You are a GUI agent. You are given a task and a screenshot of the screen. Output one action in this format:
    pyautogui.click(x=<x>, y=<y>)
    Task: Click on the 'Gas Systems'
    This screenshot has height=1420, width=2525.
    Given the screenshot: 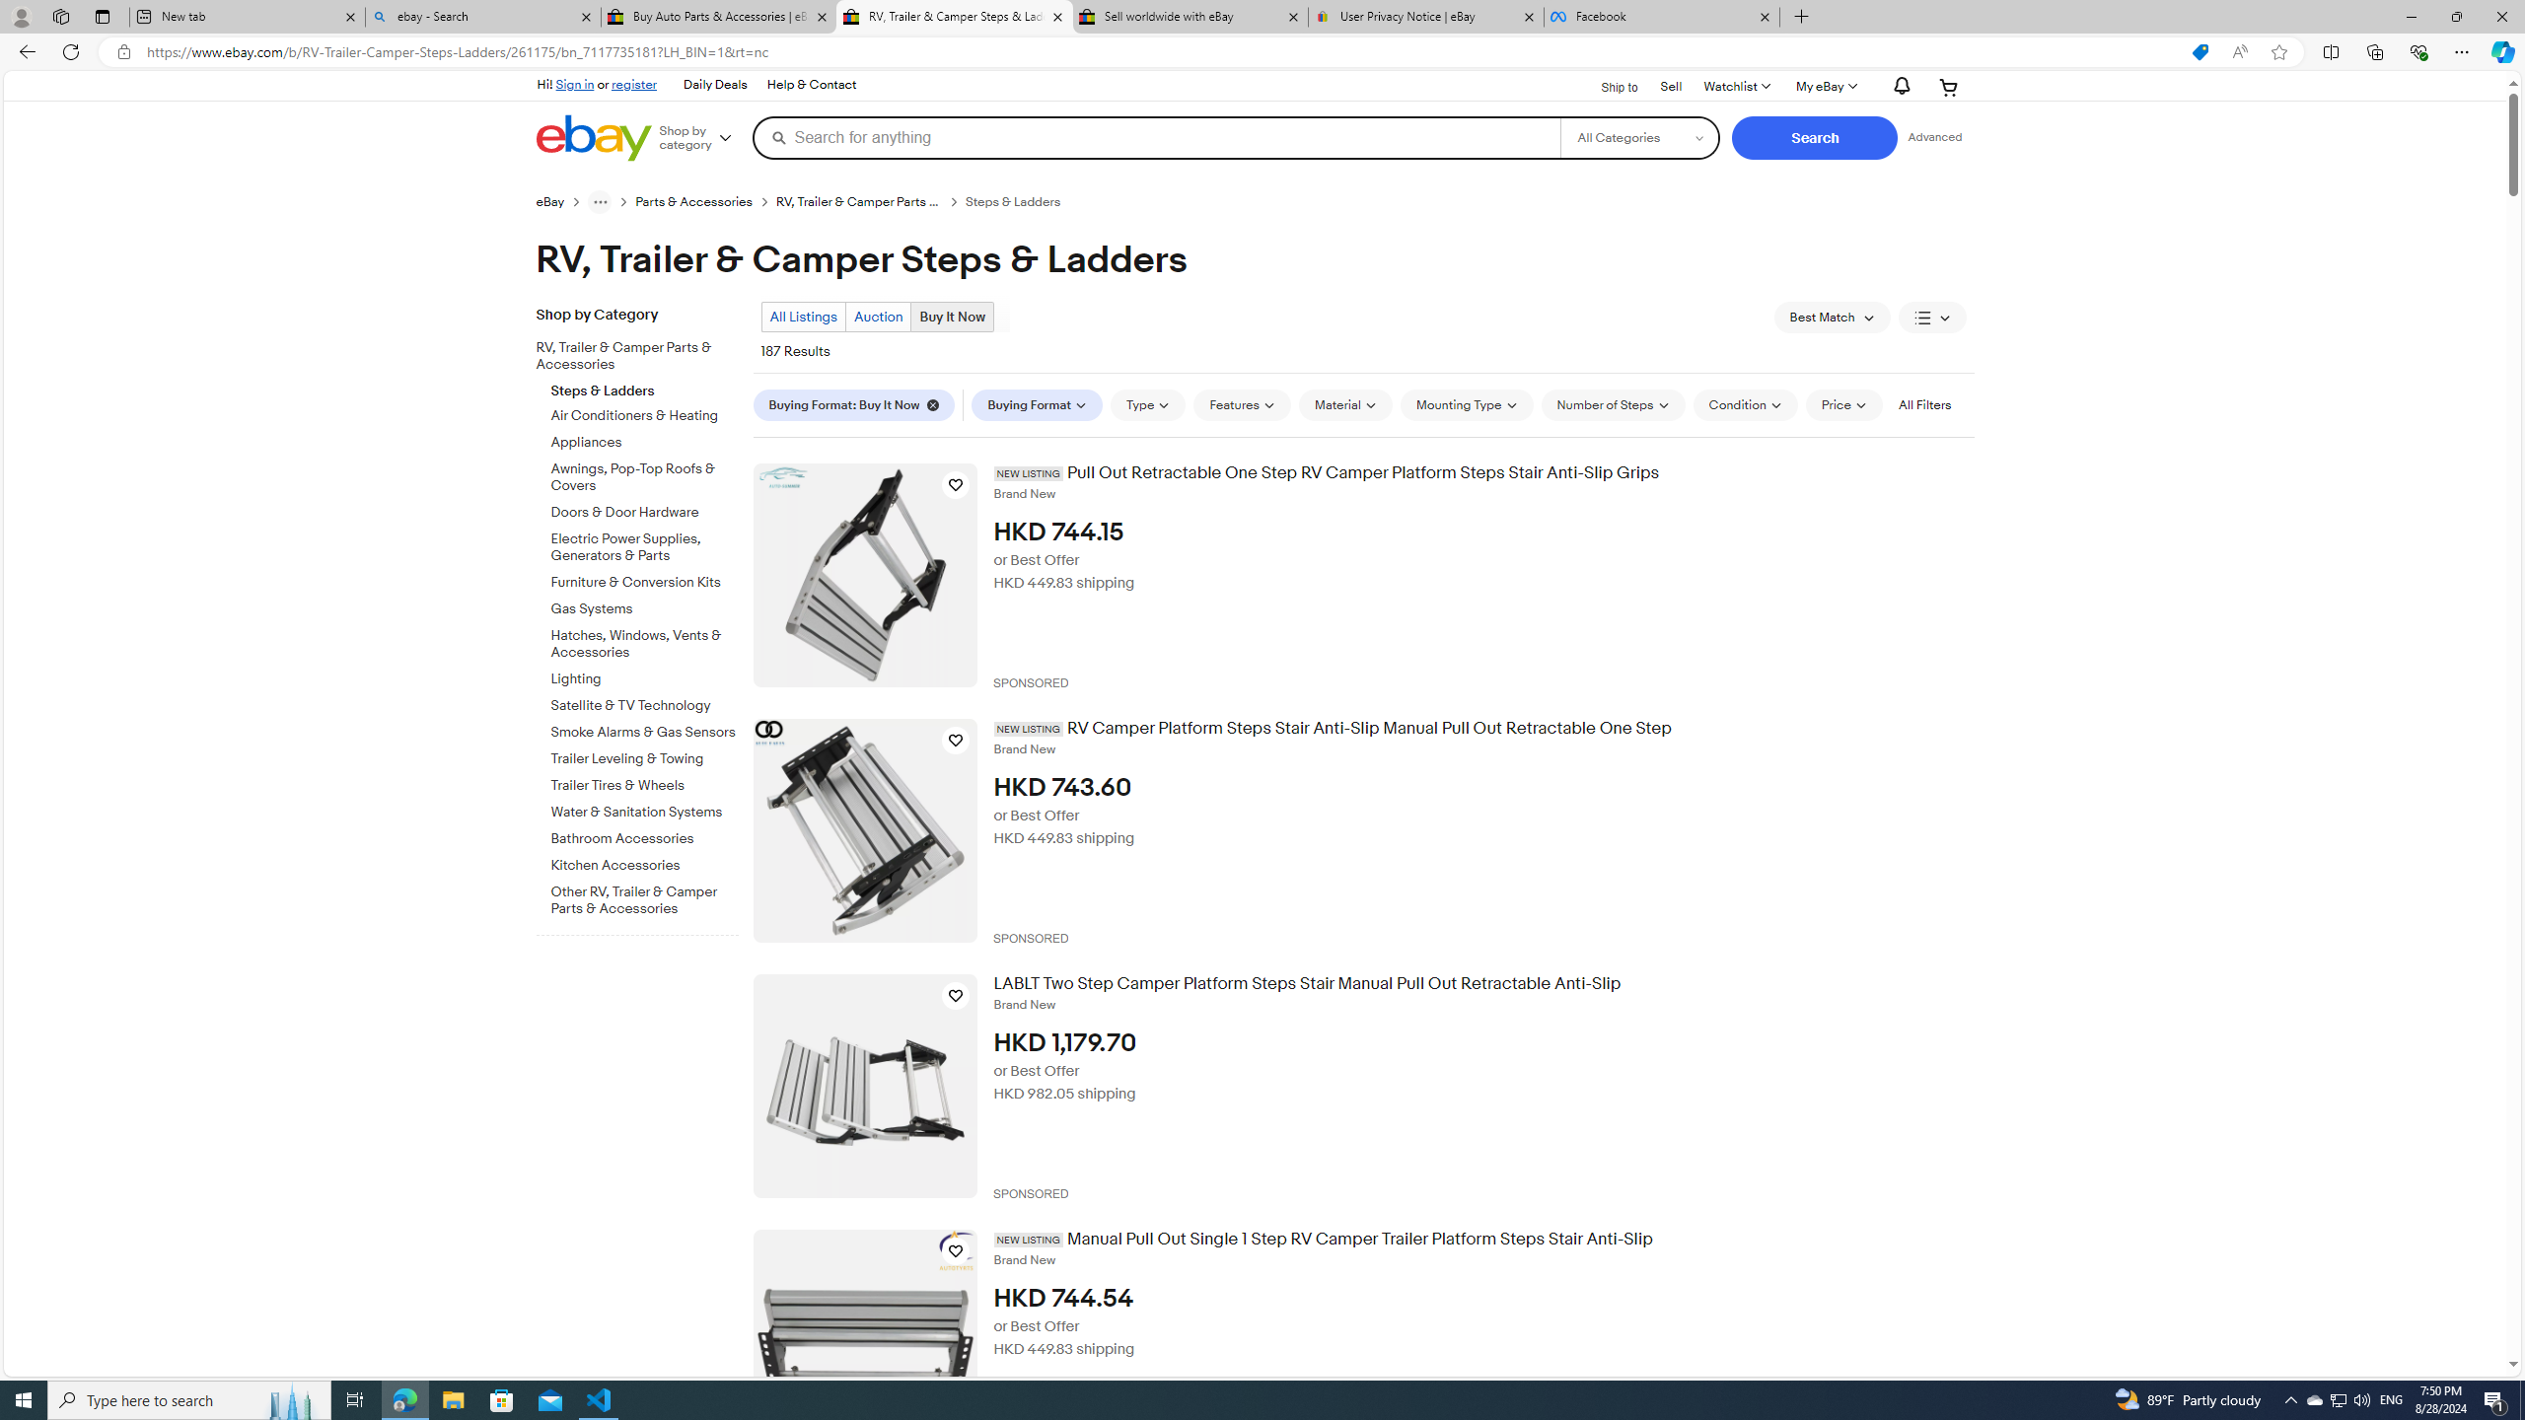 What is the action you would take?
    pyautogui.click(x=644, y=604)
    